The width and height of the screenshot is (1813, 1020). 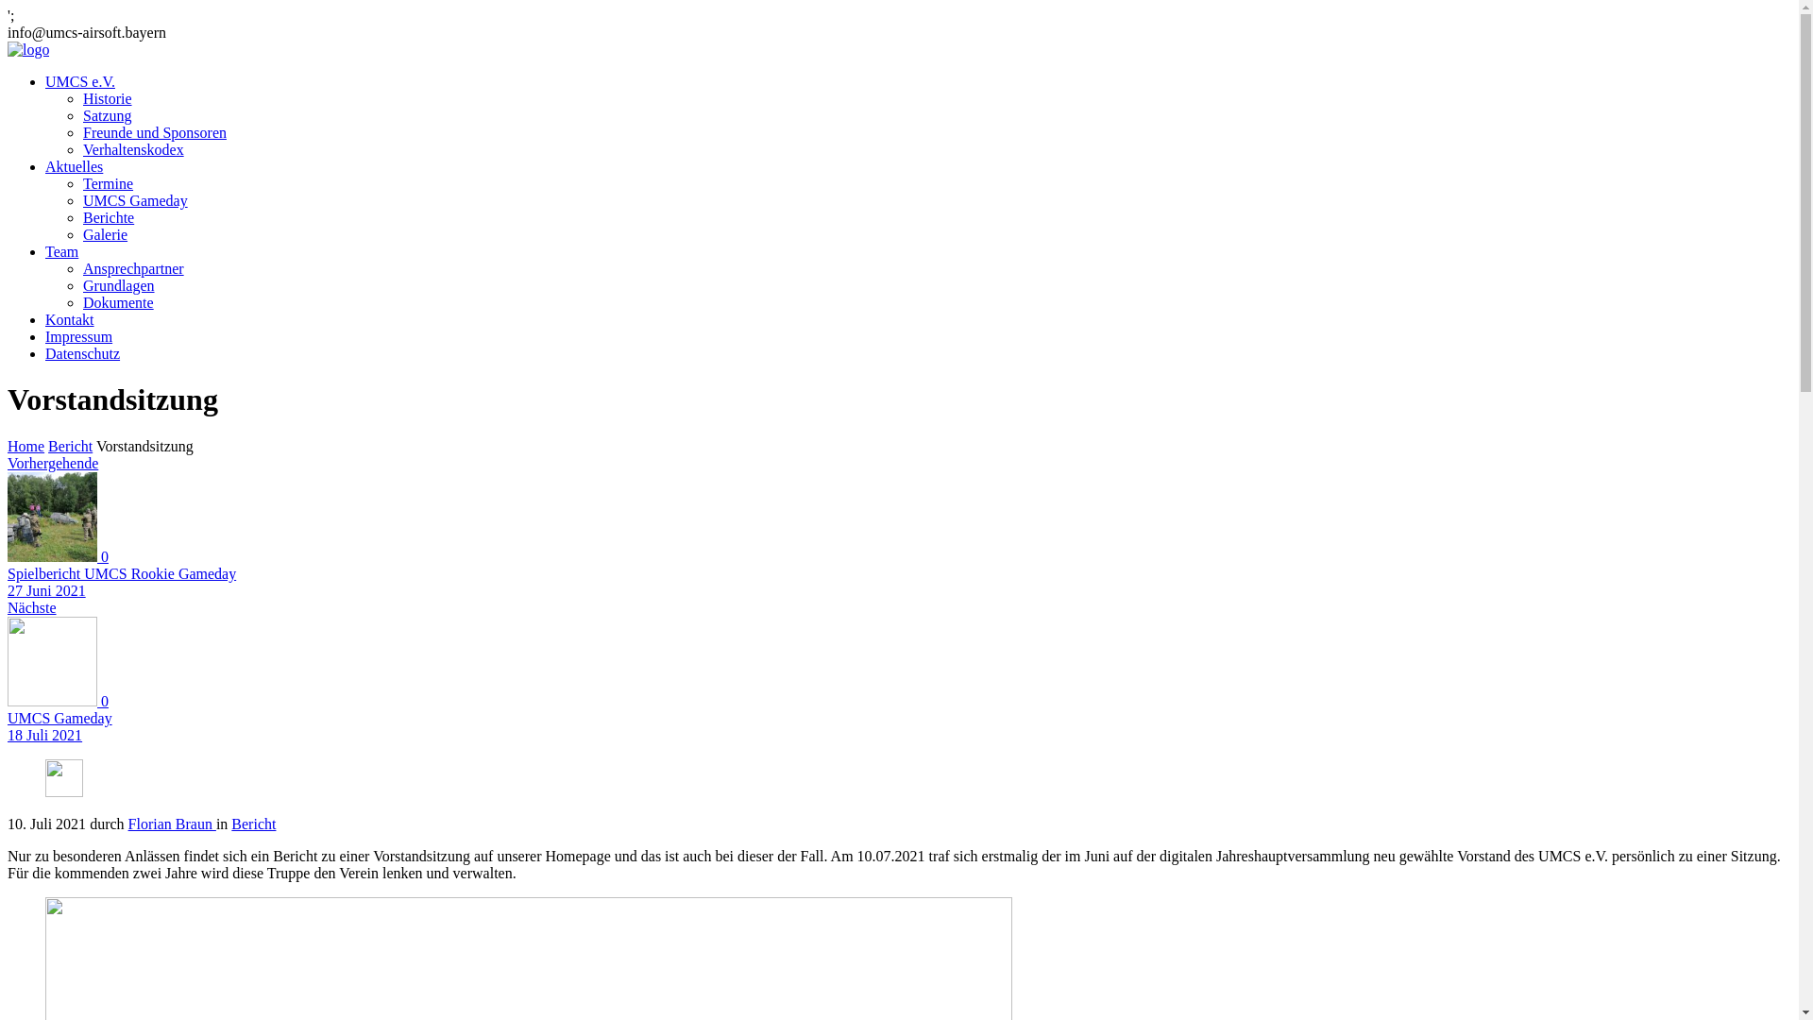 I want to click on 'Aktuelles', so click(x=74, y=165).